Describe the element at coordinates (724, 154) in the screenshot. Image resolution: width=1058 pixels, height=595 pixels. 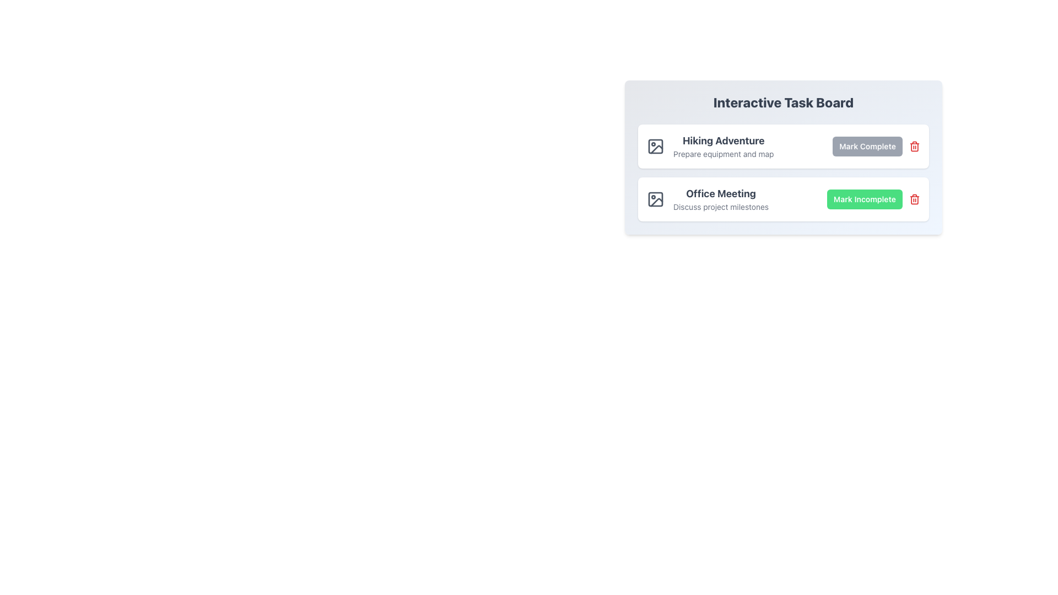
I see `text label displaying 'Prepare equipment and map', which is located below the bold title 'Hiking Adventure' in the task board interface` at that location.